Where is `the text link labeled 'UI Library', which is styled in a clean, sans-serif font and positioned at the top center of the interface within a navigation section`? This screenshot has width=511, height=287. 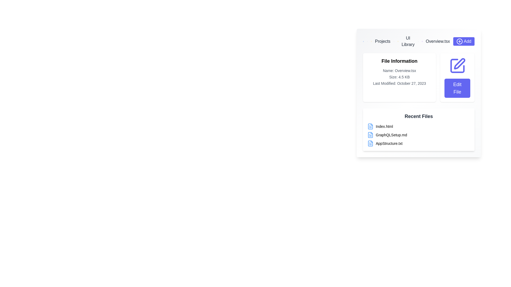
the text link labeled 'UI Library', which is styled in a clean, sans-serif font and positioned at the top center of the interface within a navigation section is located at coordinates (408, 41).